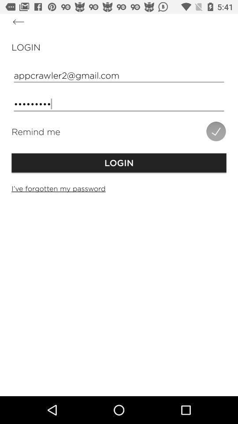 The image size is (238, 424). What do you see at coordinates (119, 188) in the screenshot?
I see `item below the login item` at bounding box center [119, 188].